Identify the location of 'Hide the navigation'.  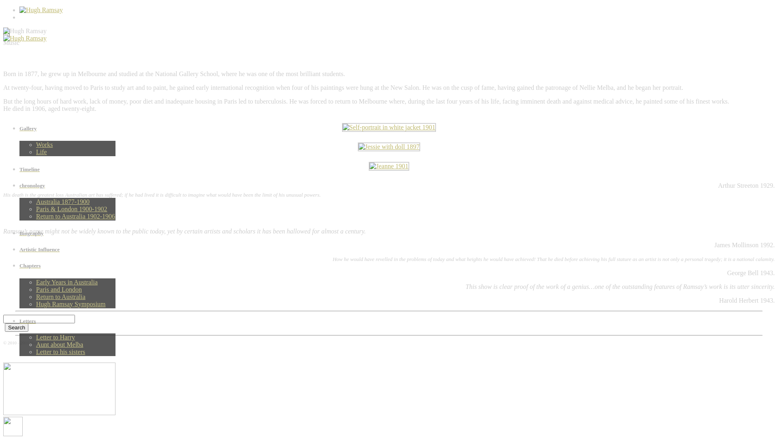
(13, 426).